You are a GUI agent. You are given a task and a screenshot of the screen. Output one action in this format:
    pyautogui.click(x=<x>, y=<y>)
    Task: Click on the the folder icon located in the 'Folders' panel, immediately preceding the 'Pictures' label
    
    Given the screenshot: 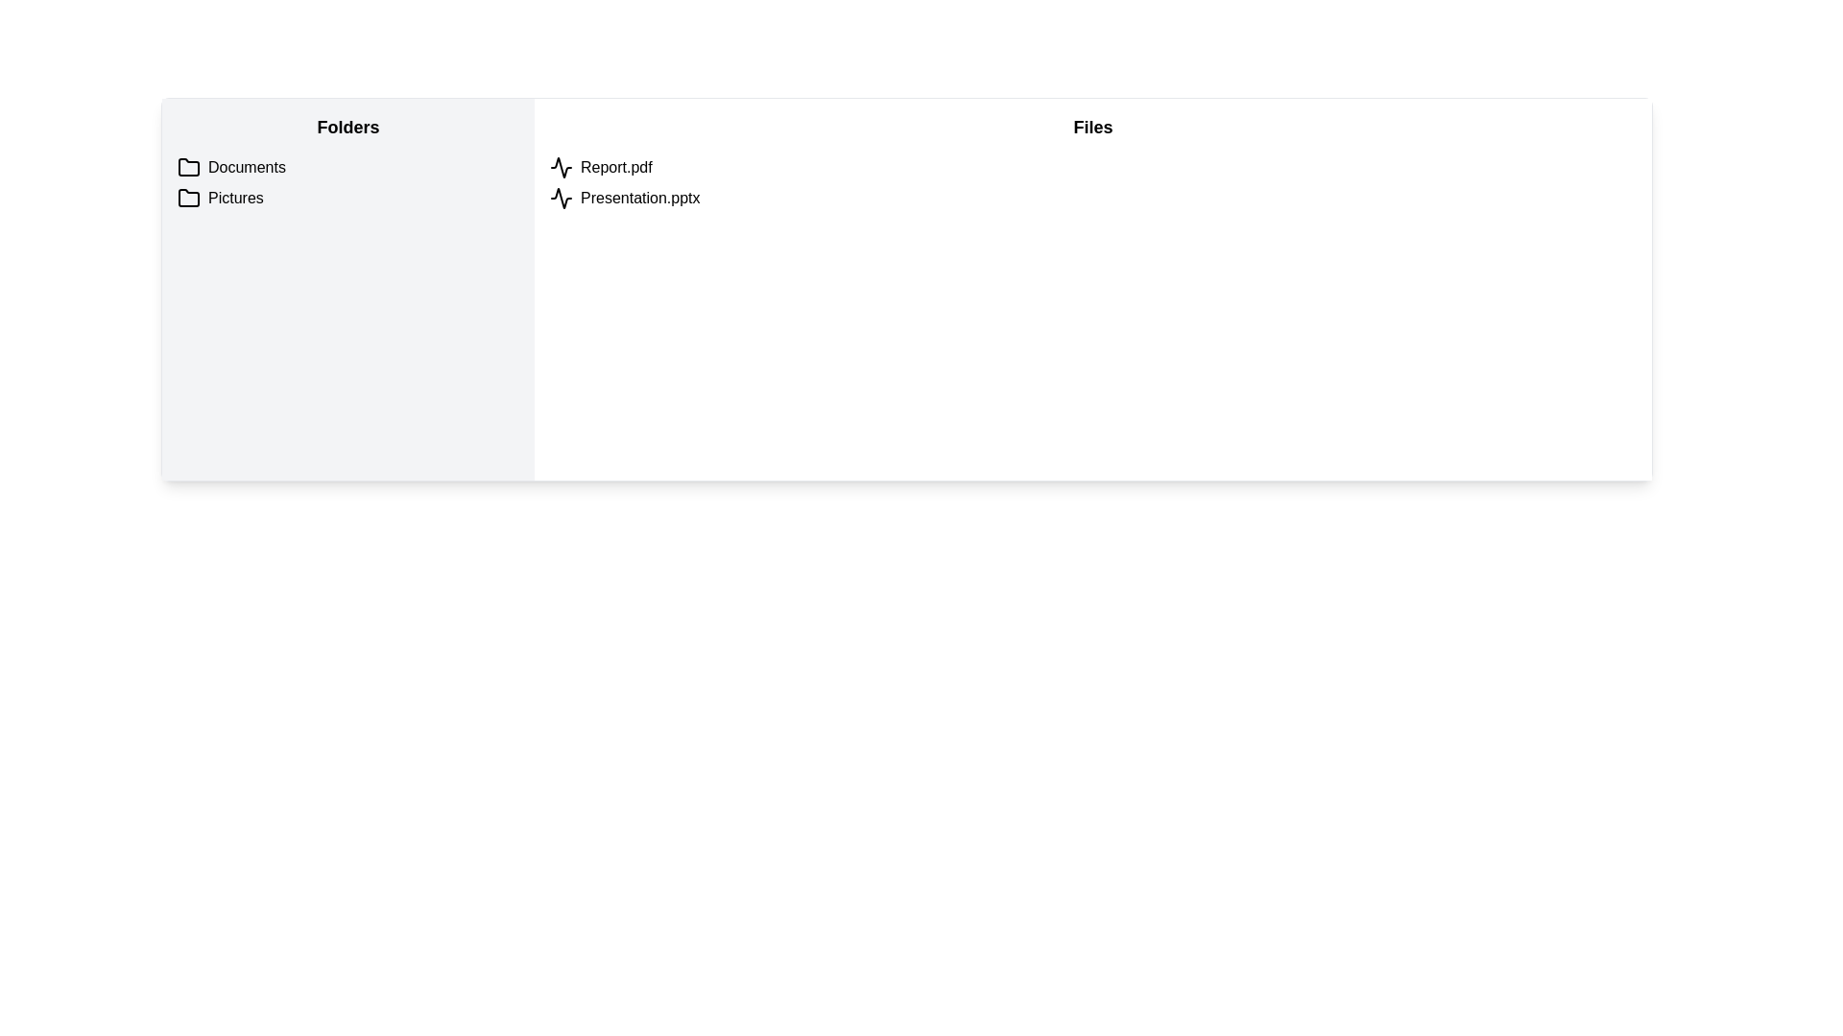 What is the action you would take?
    pyautogui.click(x=188, y=199)
    